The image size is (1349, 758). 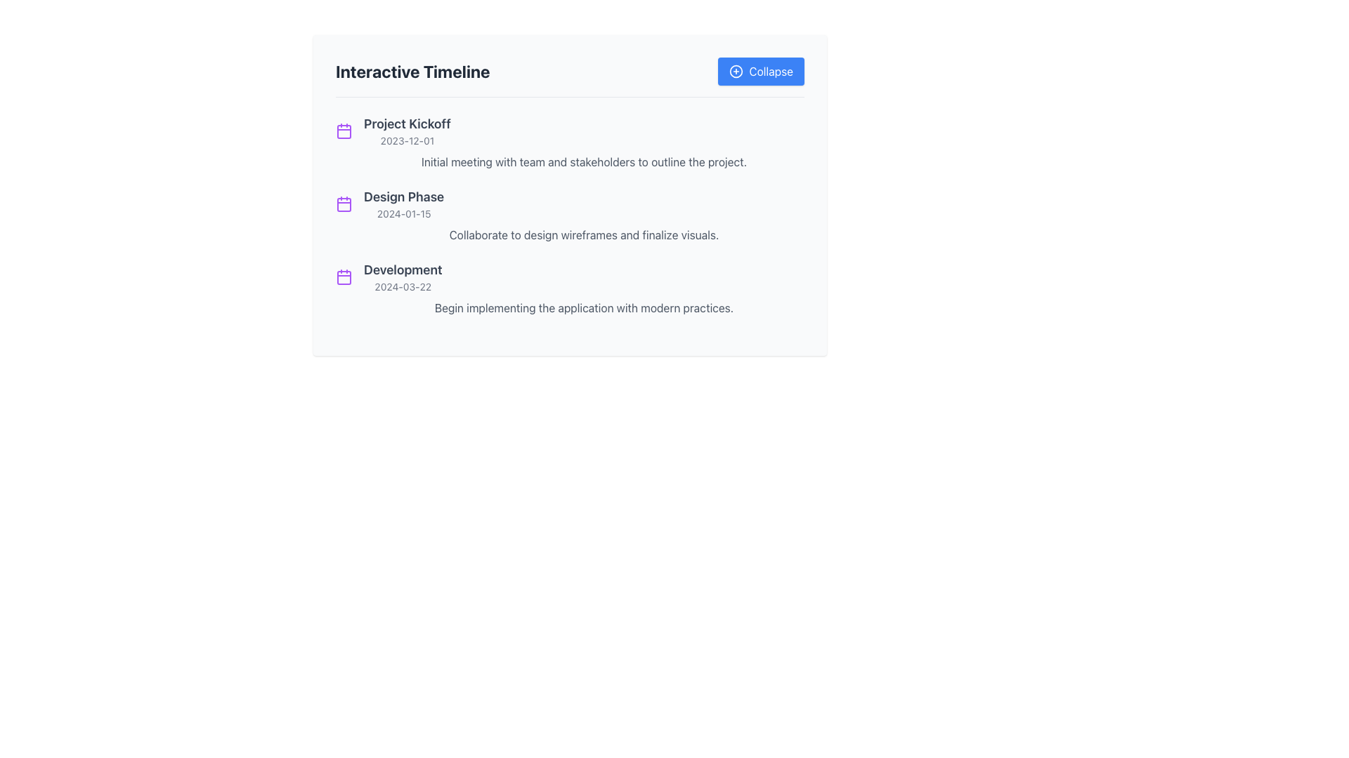 I want to click on the first timeline entry summarizing the project milestone, so click(x=570, y=142).